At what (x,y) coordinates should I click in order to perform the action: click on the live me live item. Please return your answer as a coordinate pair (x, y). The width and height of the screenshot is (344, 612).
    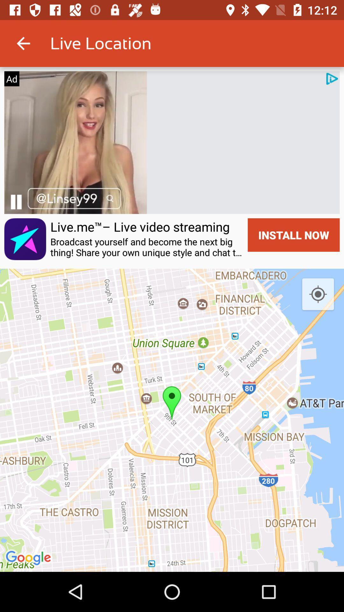
    Looking at the image, I should click on (140, 227).